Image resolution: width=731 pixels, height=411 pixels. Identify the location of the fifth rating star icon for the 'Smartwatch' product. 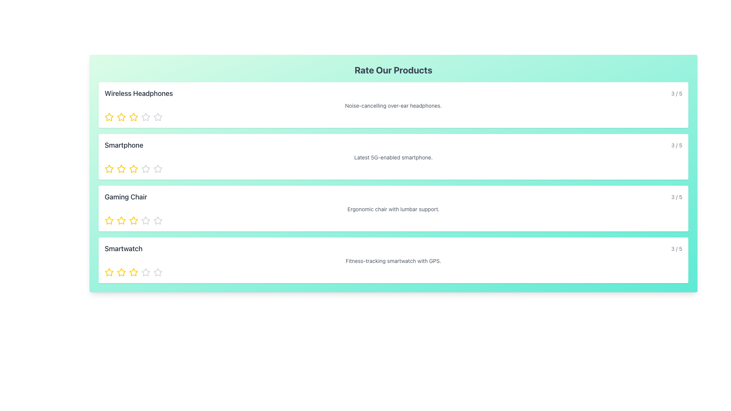
(157, 272).